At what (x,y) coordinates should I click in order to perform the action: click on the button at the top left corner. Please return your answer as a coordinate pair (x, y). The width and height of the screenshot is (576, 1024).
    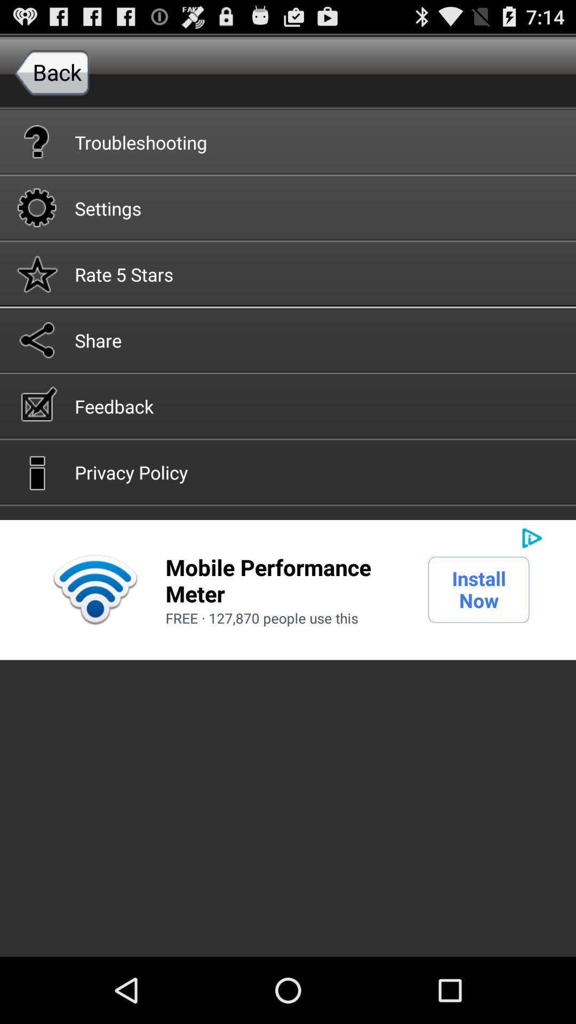
    Looking at the image, I should click on (52, 71).